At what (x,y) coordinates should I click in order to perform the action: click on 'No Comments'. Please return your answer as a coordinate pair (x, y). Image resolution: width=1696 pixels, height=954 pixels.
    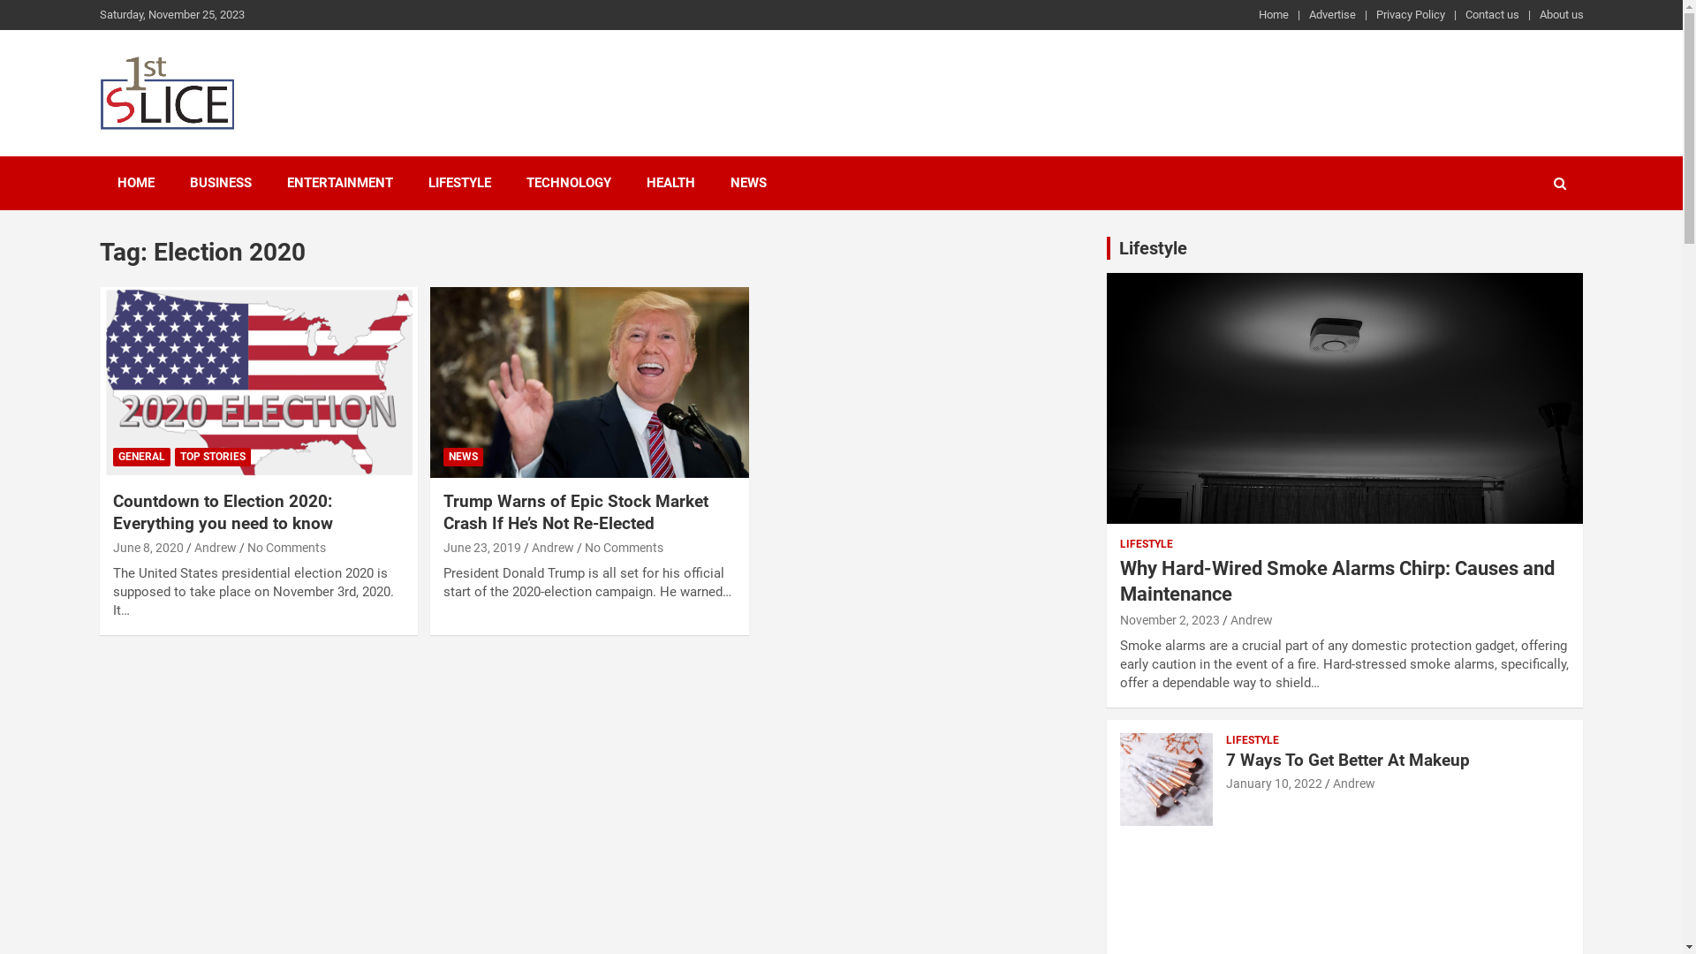
    Looking at the image, I should click on (286, 547).